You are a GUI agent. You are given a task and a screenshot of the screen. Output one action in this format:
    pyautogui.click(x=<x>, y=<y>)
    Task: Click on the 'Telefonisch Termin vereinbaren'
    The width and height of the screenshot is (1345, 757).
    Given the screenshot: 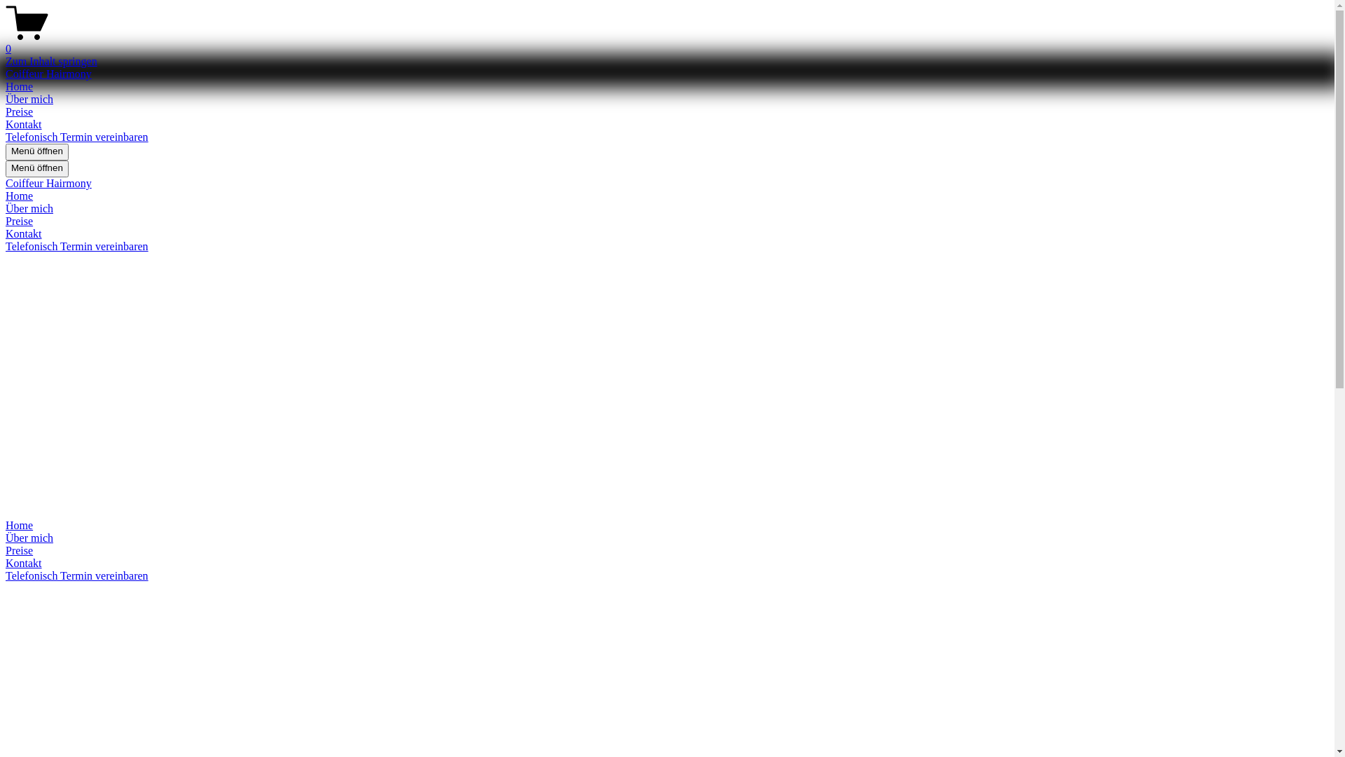 What is the action you would take?
    pyautogui.click(x=76, y=137)
    